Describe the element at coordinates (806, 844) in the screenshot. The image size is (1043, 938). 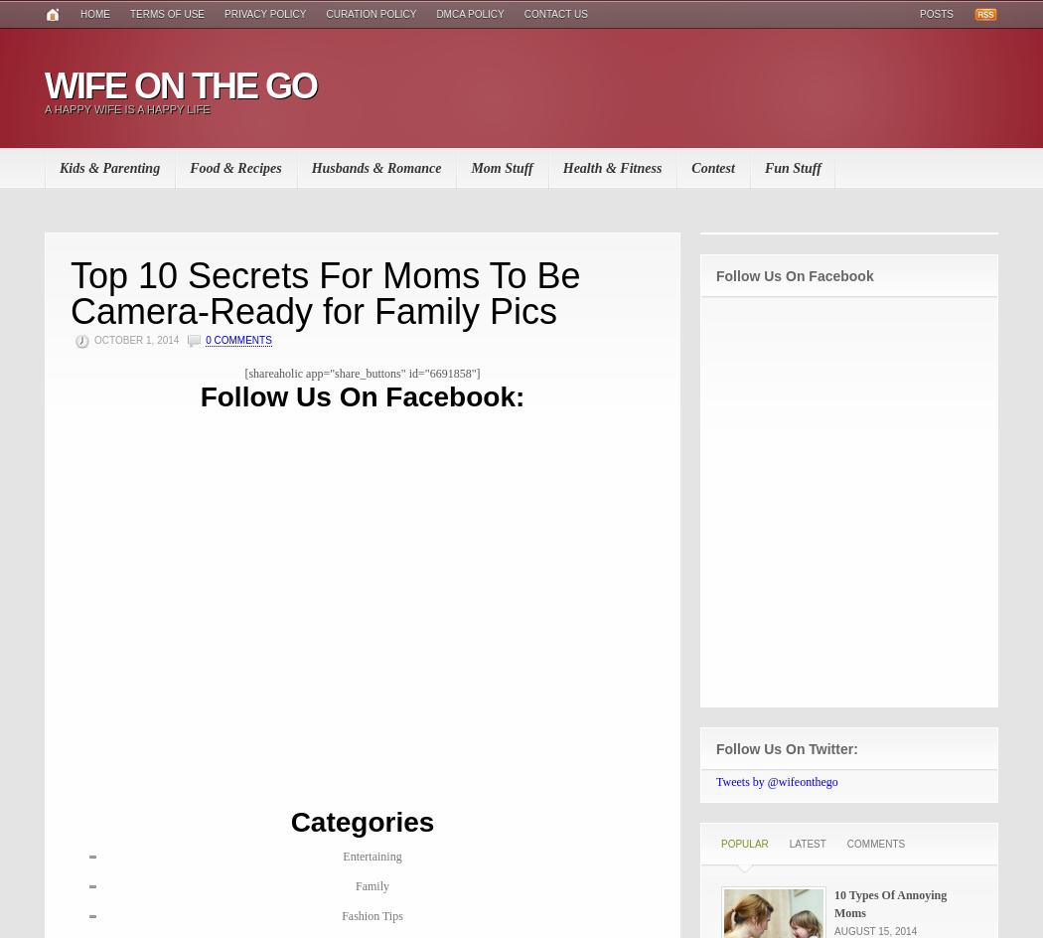
I see `'Latest'` at that location.